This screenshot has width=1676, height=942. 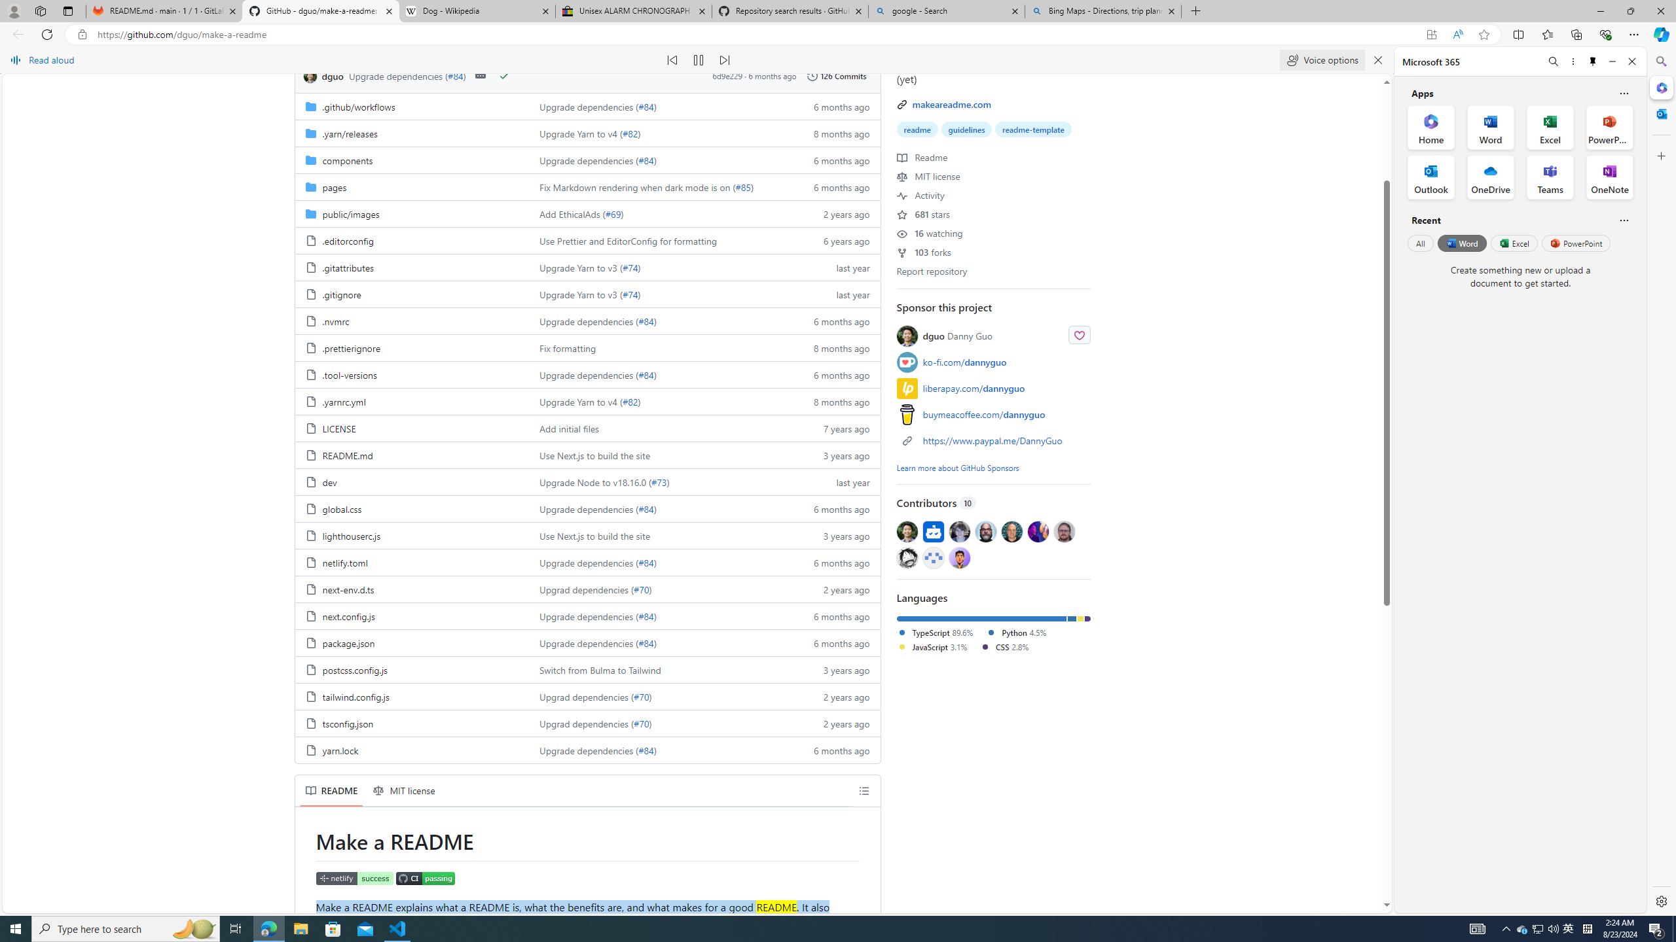 What do you see at coordinates (1021, 633) in the screenshot?
I see `'Python4.5%'` at bounding box center [1021, 633].